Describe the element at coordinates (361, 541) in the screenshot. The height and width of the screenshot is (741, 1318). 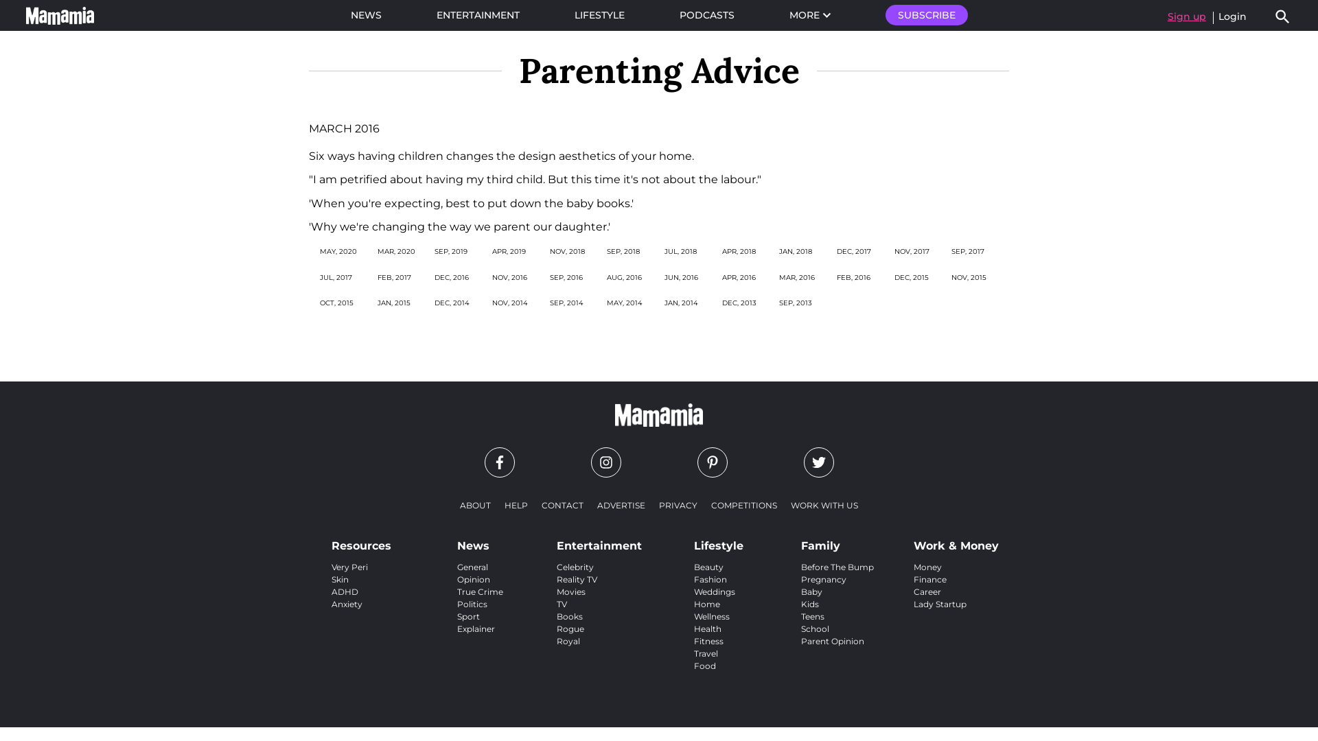
I see `'Resources'` at that location.